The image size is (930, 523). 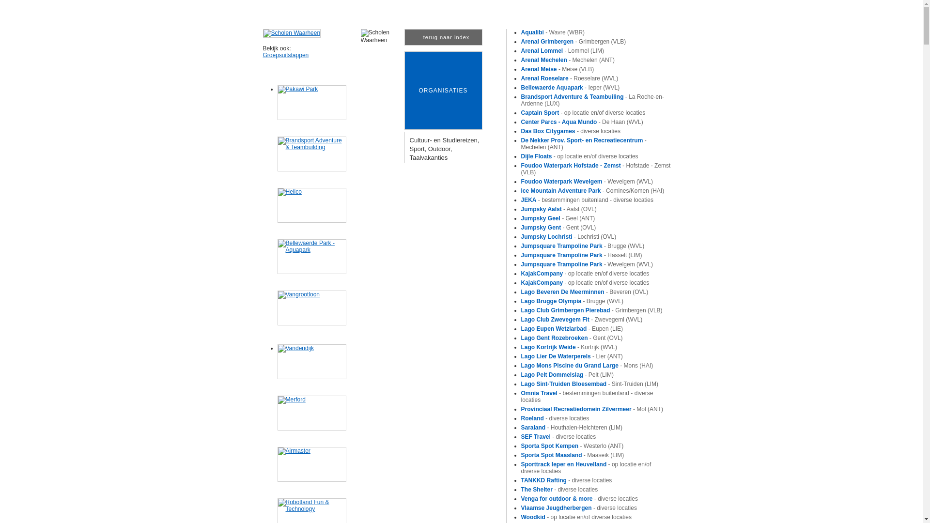 What do you see at coordinates (581, 319) in the screenshot?
I see `'Lago Club Zwevegem Fit - Zwevegeml (WVL)'` at bounding box center [581, 319].